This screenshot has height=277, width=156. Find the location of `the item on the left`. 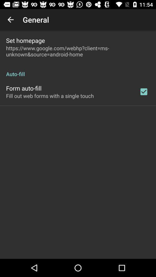

the item on the left is located at coordinates (50, 96).